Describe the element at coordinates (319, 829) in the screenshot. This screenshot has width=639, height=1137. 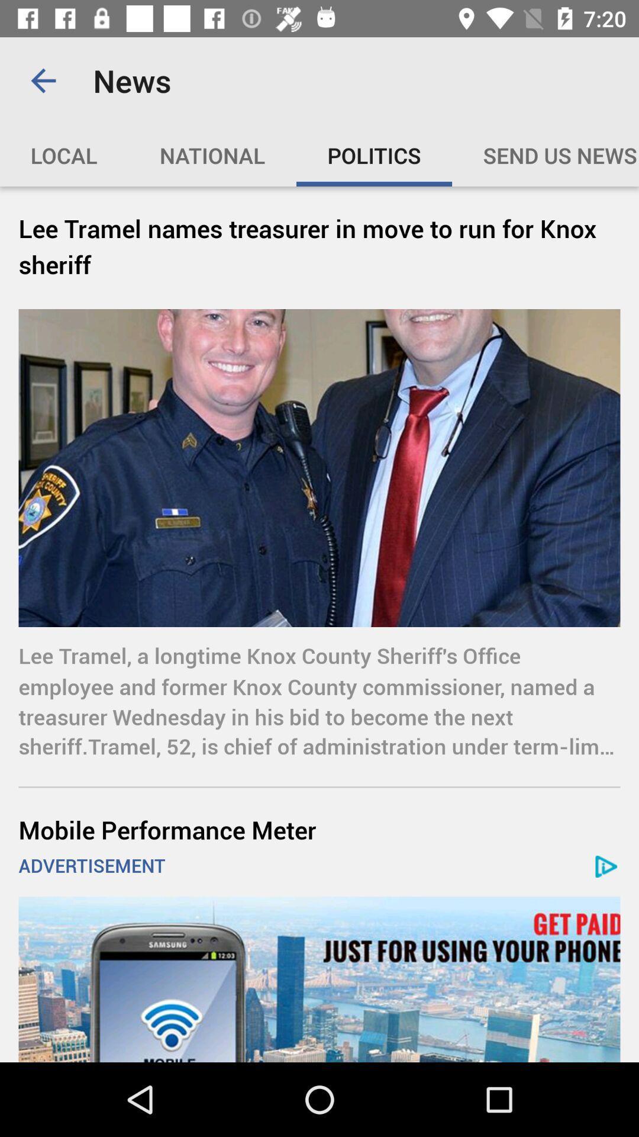
I see `mobile performance meter item` at that location.